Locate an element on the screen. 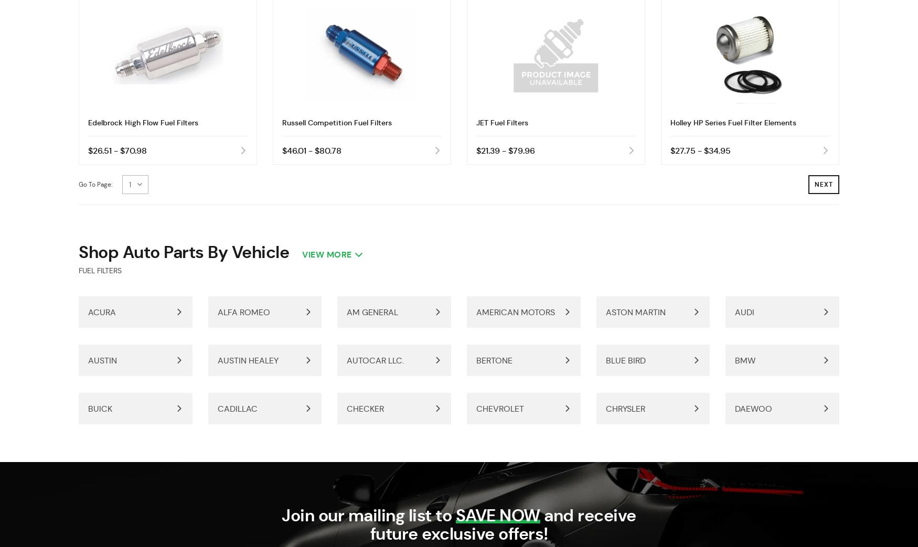 Image resolution: width=918 pixels, height=547 pixels. 'and receive future exclusive offers!' is located at coordinates (503, 524).